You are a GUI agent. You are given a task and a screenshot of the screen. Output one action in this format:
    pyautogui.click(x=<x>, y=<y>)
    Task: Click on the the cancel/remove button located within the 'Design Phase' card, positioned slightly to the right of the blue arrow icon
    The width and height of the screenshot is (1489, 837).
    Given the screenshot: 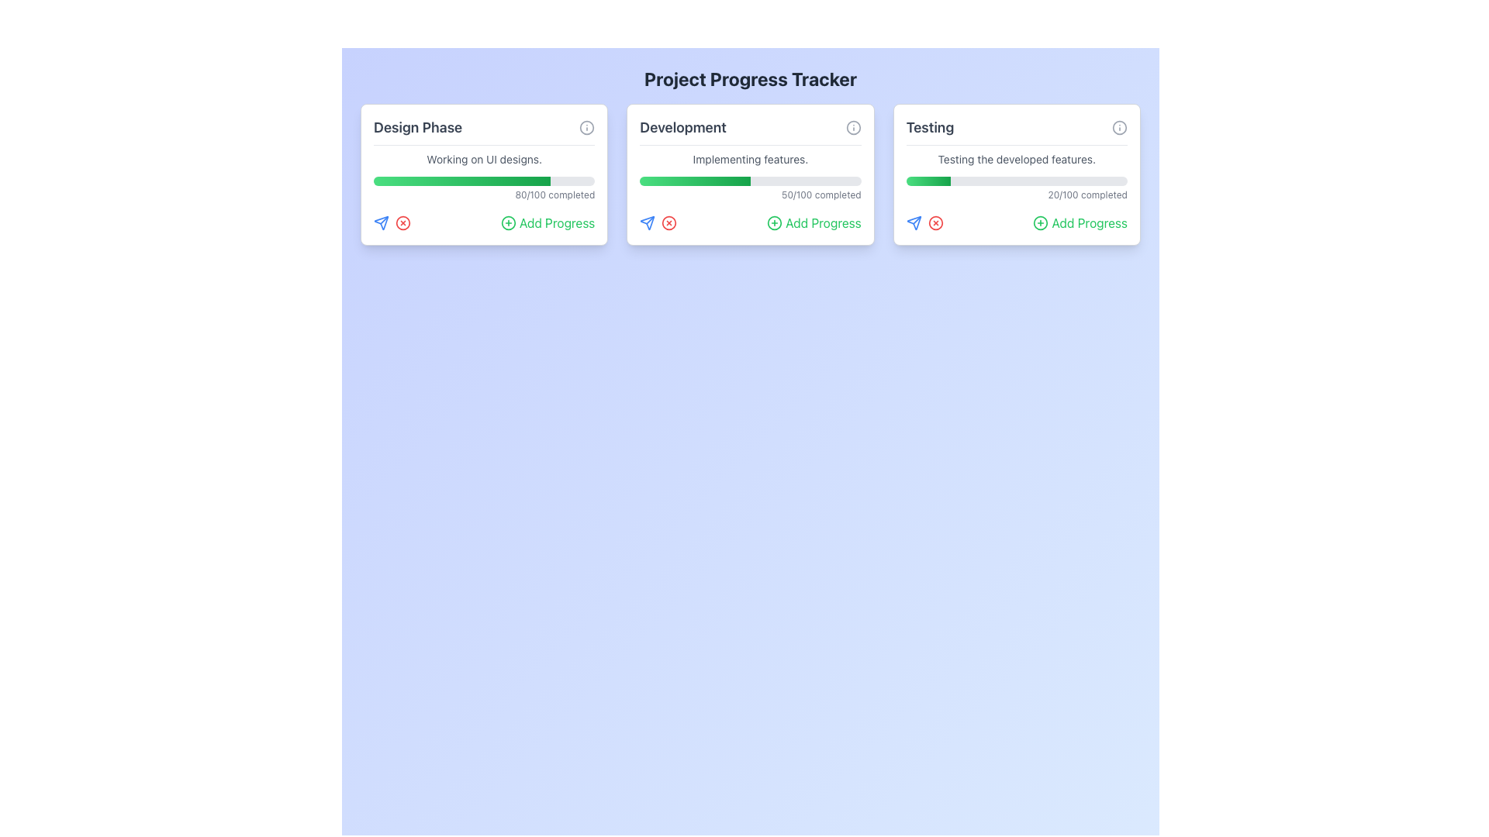 What is the action you would take?
    pyautogui.click(x=402, y=223)
    